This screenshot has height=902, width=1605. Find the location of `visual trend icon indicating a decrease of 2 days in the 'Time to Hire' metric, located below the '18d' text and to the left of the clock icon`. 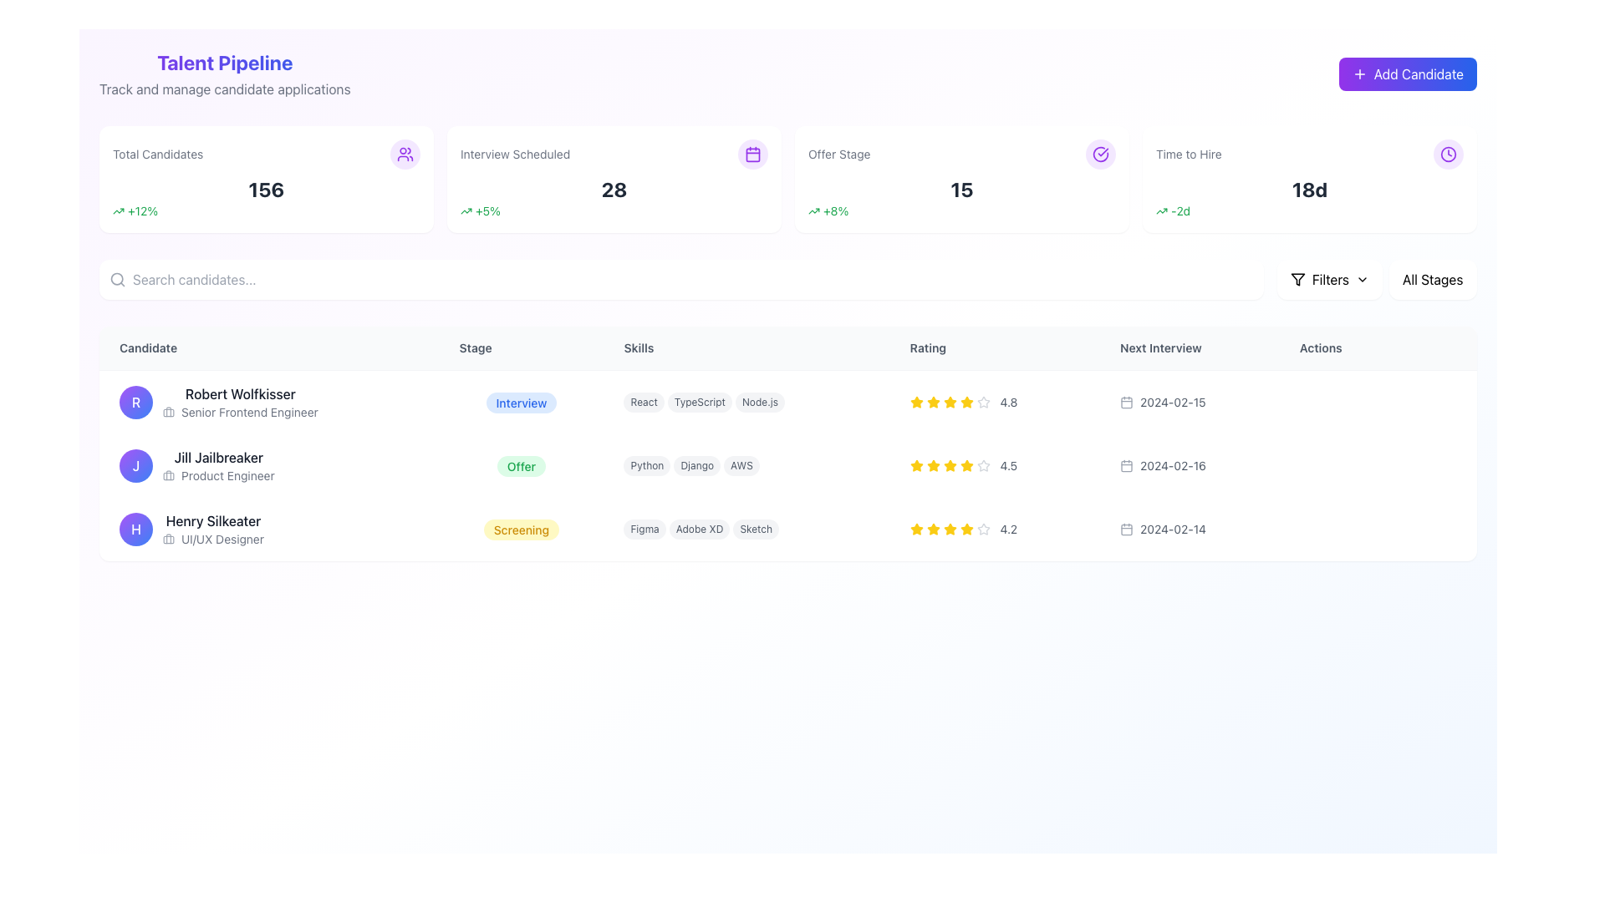

visual trend icon indicating a decrease of 2 days in the 'Time to Hire' metric, located below the '18d' text and to the left of the clock icon is located at coordinates (1308, 210).